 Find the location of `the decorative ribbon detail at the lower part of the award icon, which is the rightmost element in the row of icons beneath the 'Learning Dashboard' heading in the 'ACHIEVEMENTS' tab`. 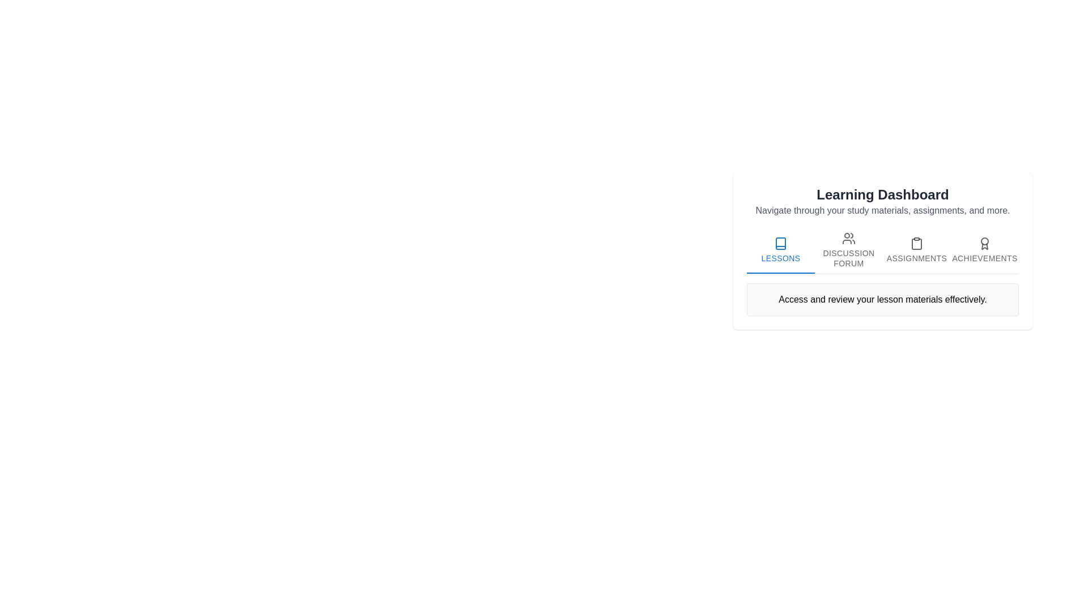

the decorative ribbon detail at the lower part of the award icon, which is the rightmost element in the row of icons beneath the 'Learning Dashboard' heading in the 'ACHIEVEMENTS' tab is located at coordinates (984, 246).